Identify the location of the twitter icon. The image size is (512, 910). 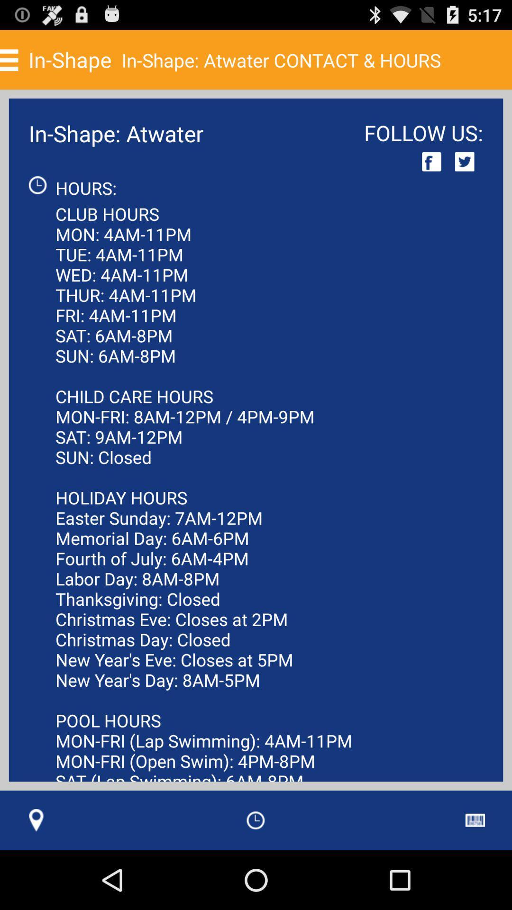
(464, 173).